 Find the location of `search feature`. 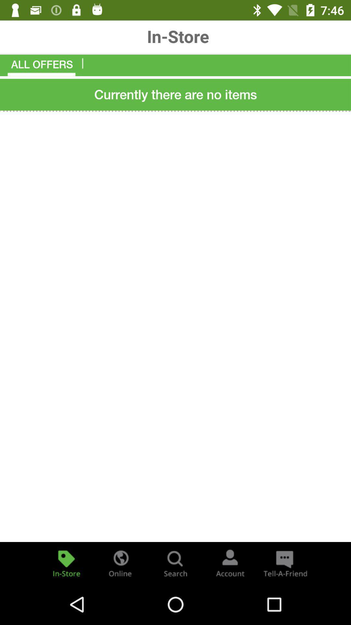

search feature is located at coordinates (175, 562).